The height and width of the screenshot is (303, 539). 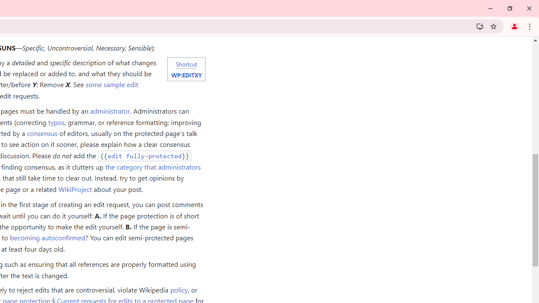 I want to click on 'WP:EDITXY', so click(x=186, y=74).